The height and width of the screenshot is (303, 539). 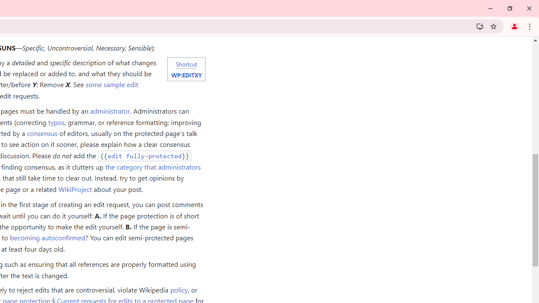 I want to click on 'WP:EDITXY', so click(x=186, y=74).